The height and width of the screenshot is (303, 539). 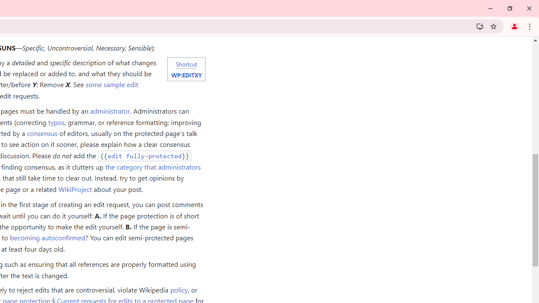 I want to click on 'WP:EDITXY', so click(x=186, y=74).